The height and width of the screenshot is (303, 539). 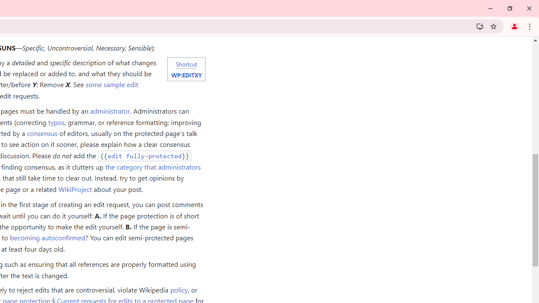 I want to click on 'WP:EDITXY', so click(x=186, y=74).